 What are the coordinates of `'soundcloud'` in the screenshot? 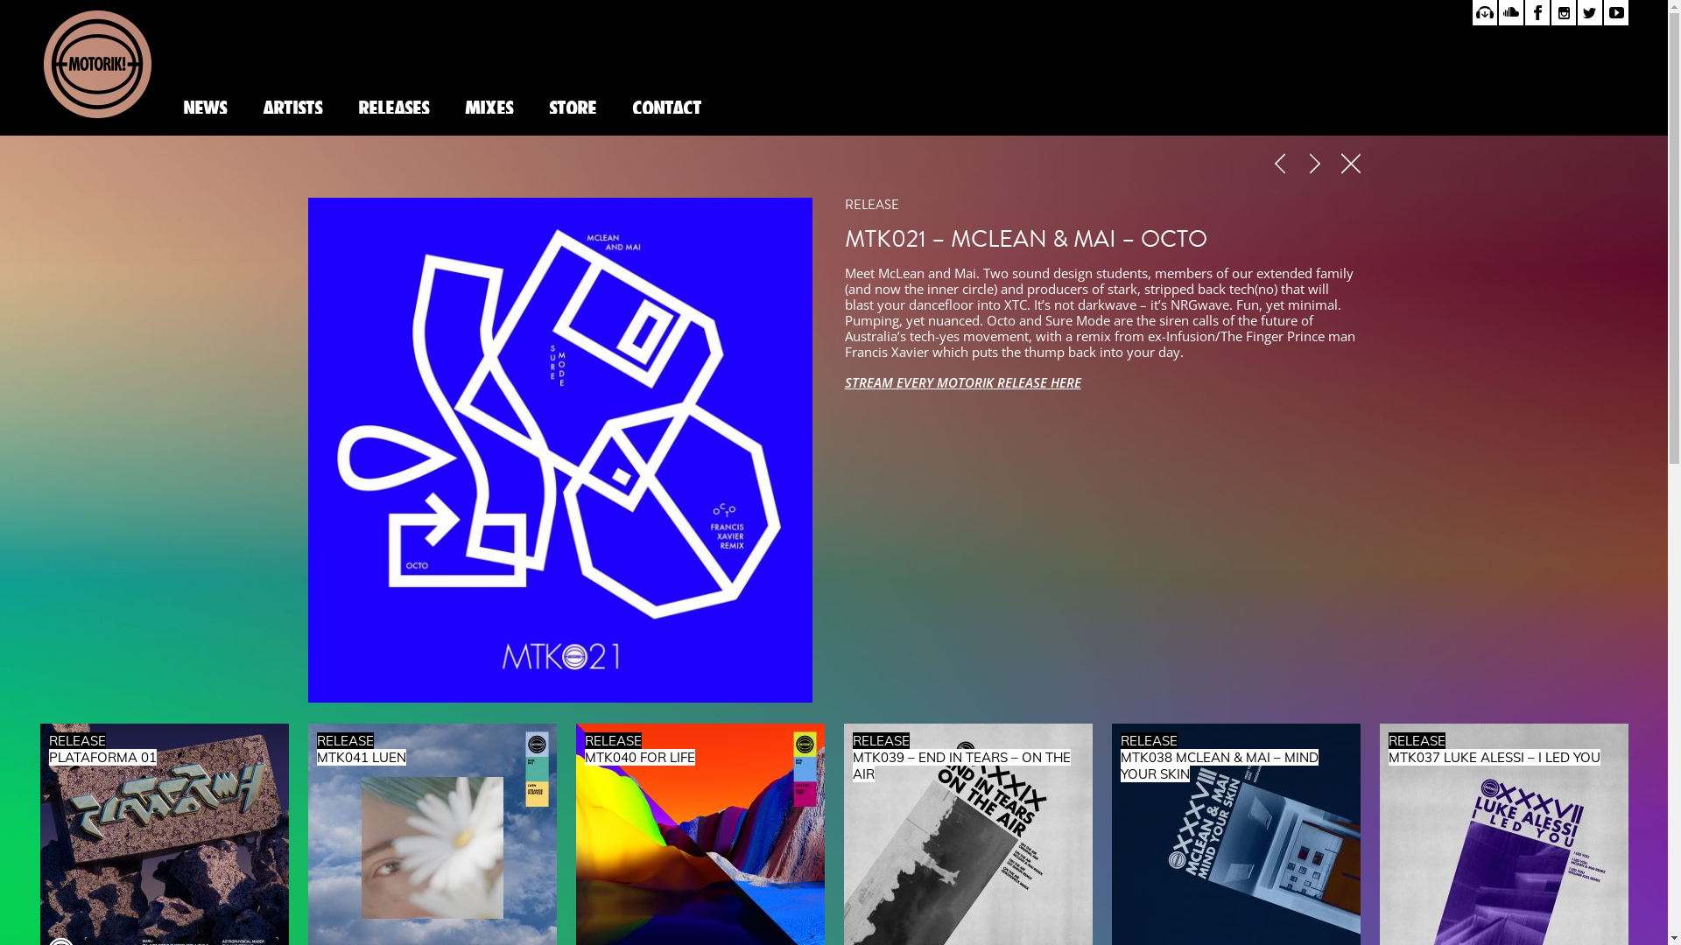 It's located at (1510, 12).